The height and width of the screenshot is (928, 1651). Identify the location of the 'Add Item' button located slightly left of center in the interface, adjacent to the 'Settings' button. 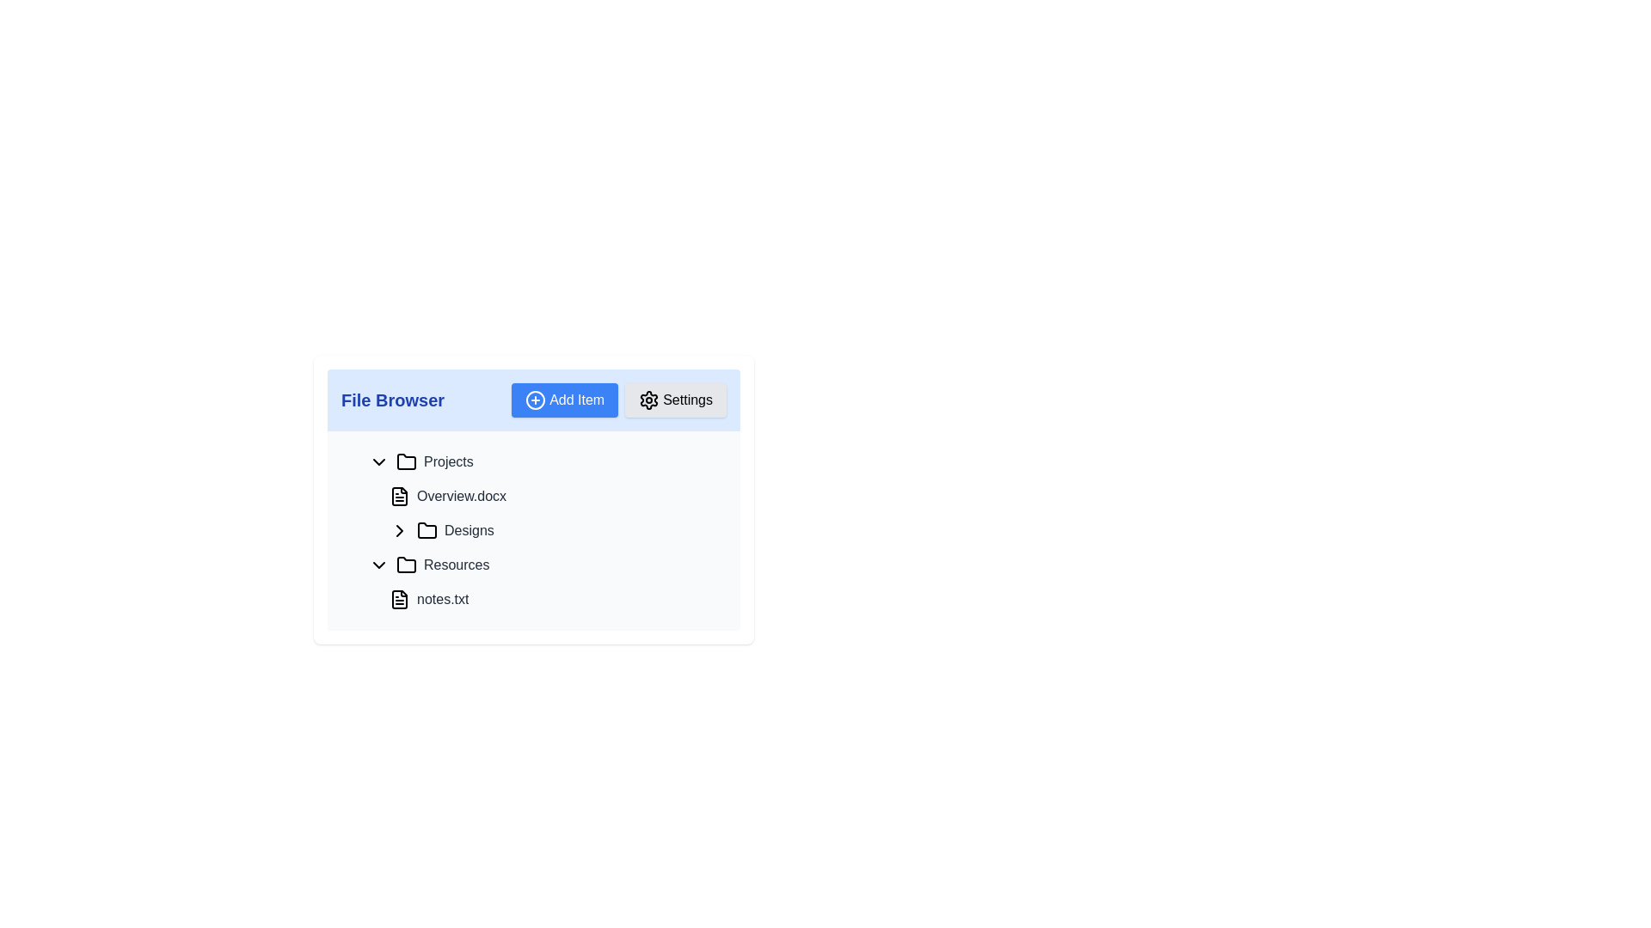
(619, 400).